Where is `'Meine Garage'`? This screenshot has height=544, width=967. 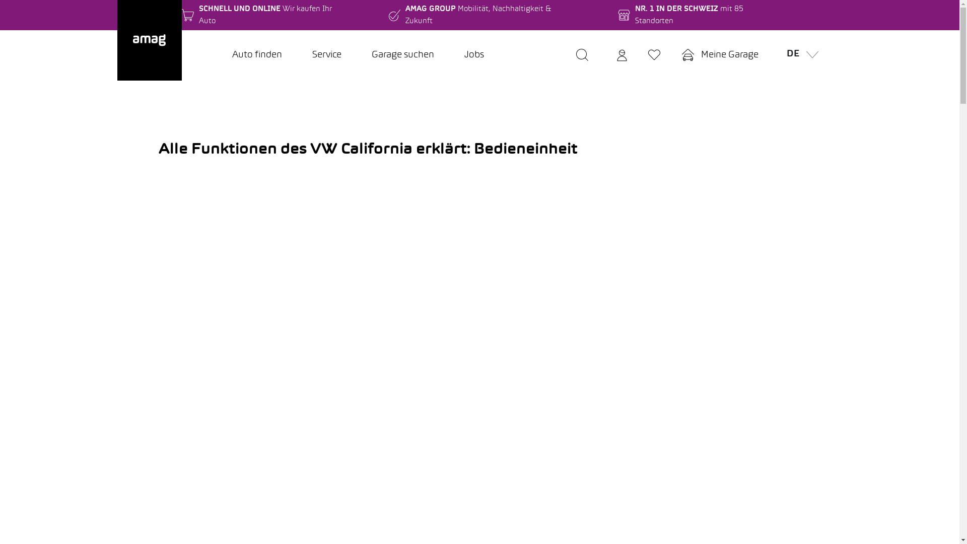
'Meine Garage' is located at coordinates (719, 55).